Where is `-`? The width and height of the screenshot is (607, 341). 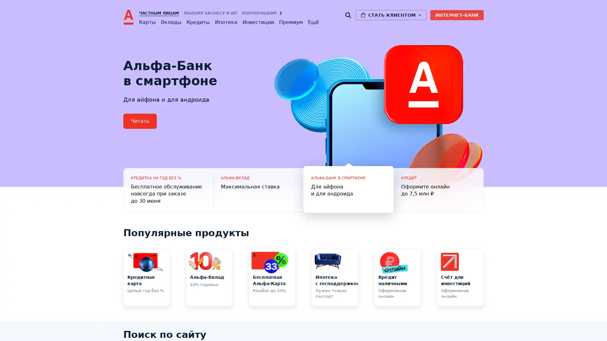
- is located at coordinates (258, 189).